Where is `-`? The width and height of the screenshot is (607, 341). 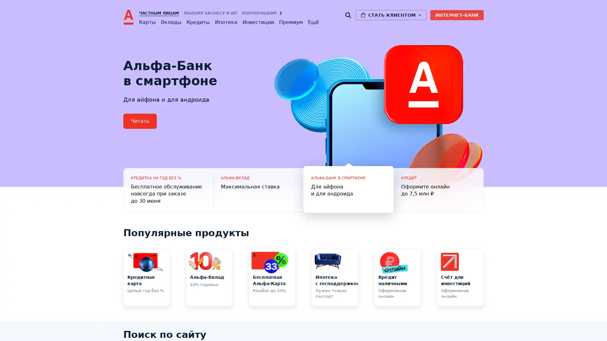
- is located at coordinates (258, 189).